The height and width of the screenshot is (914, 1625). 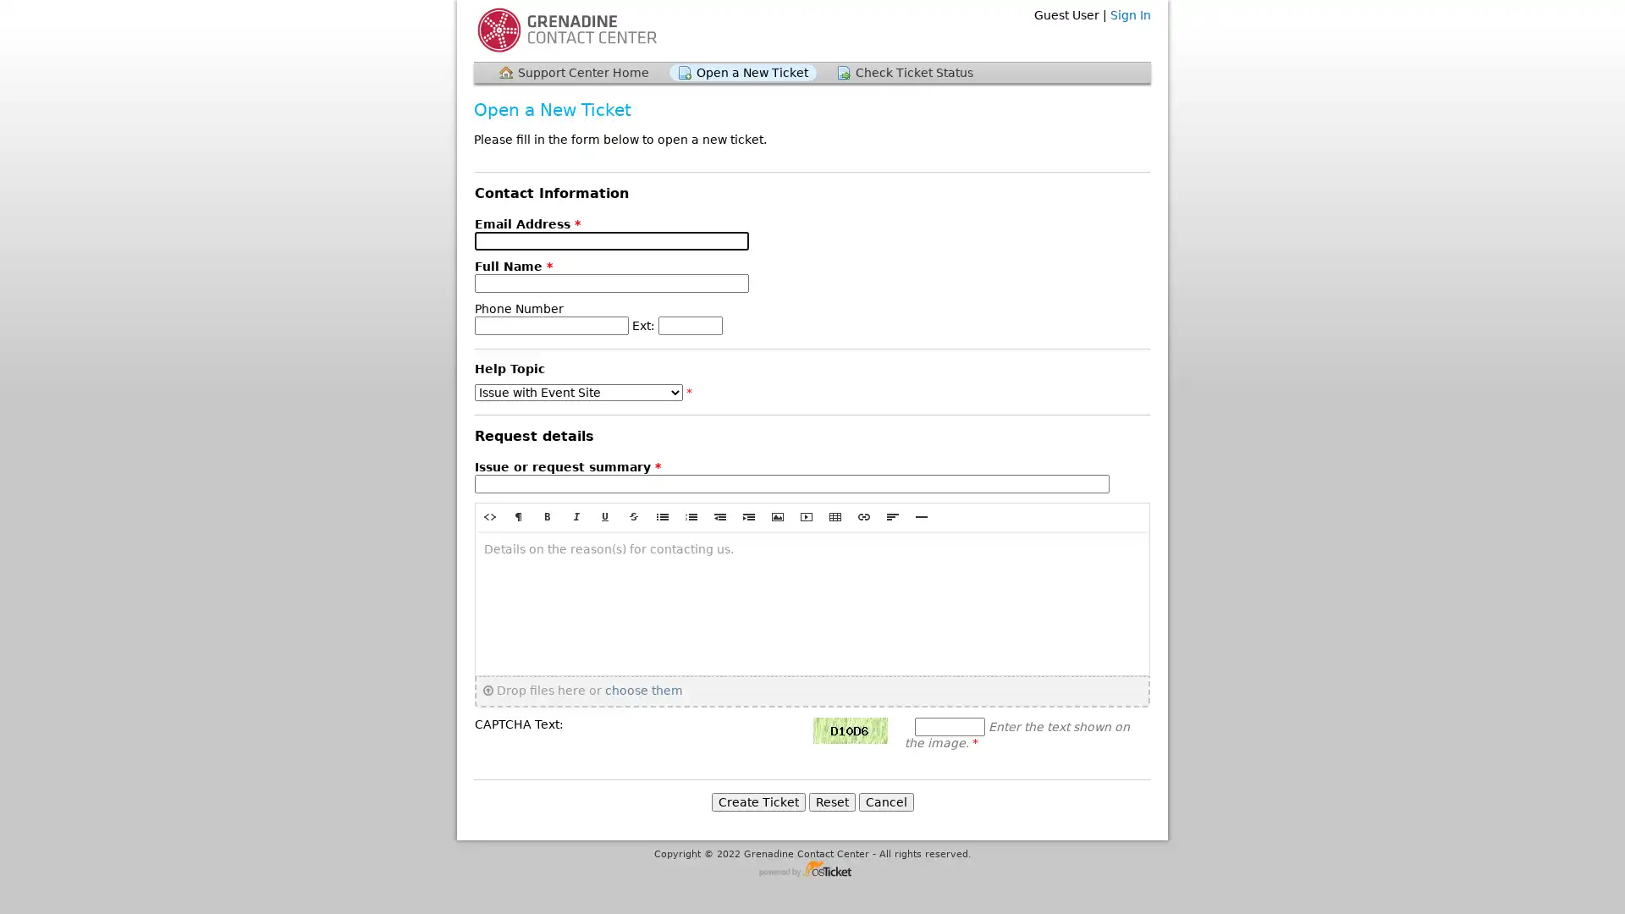 I want to click on Reset, so click(x=831, y=801).